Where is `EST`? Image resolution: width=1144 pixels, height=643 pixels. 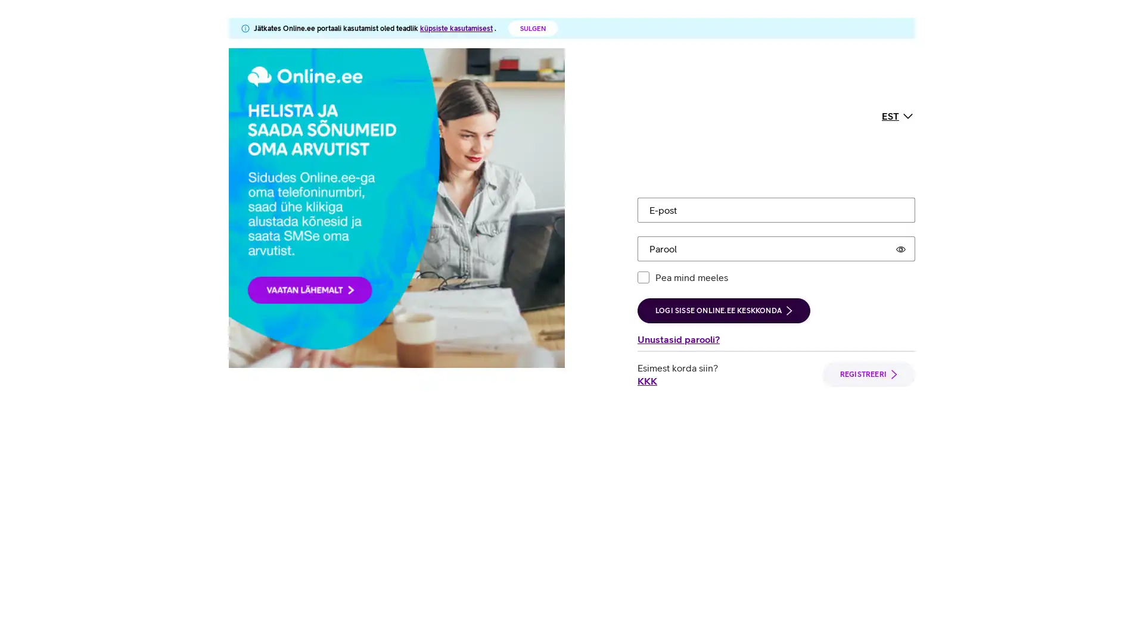 EST is located at coordinates (898, 60).